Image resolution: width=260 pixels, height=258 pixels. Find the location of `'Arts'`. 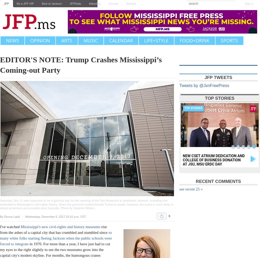

'Arts' is located at coordinates (61, 40).